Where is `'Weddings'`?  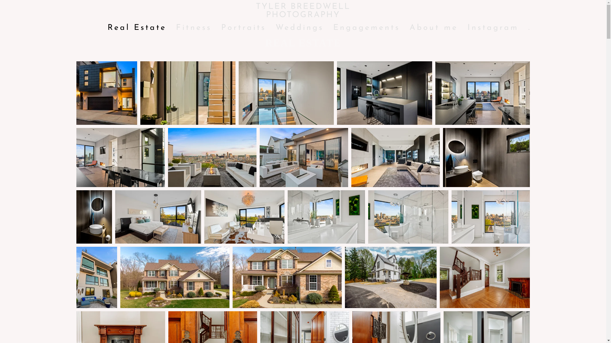 'Weddings' is located at coordinates (299, 27).